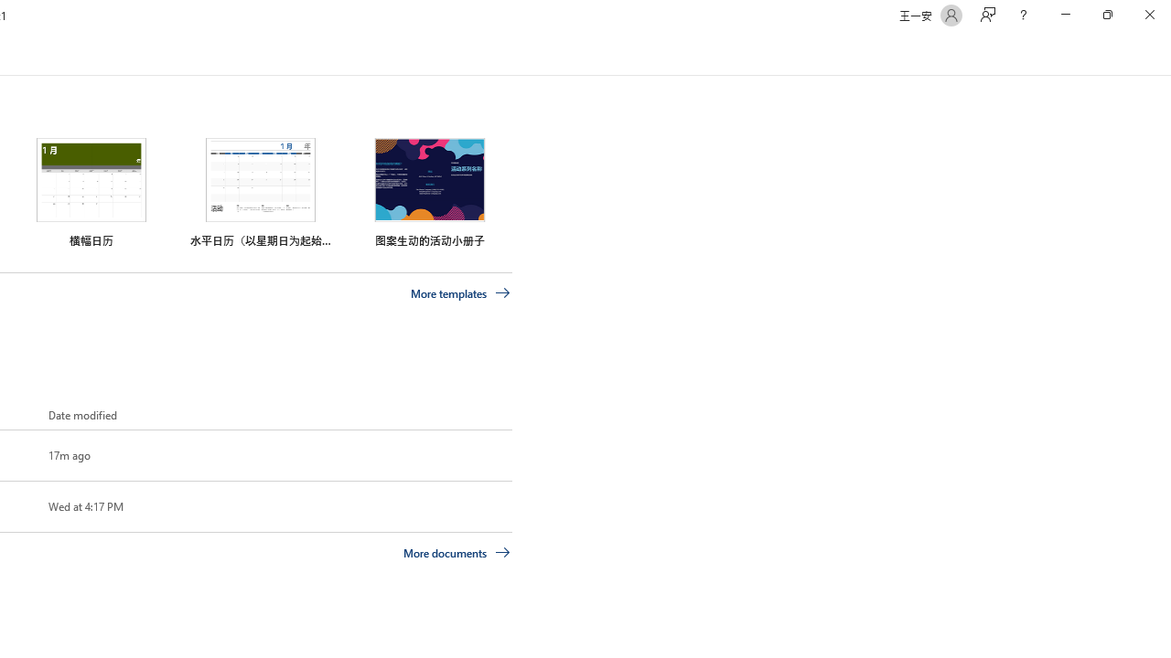 The height and width of the screenshot is (658, 1171). Describe the element at coordinates (1065, 15) in the screenshot. I see `'Minimize'` at that location.